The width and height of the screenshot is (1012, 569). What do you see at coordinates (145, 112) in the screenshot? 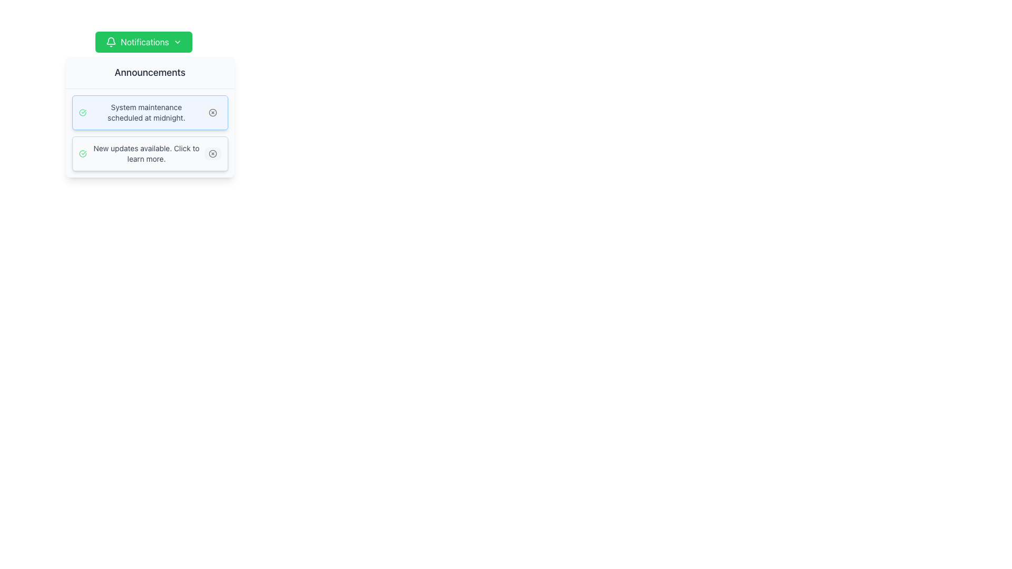
I see `announcement message displayed in the gray-text label stating 'System maintenance scheduled at midnight.'` at bounding box center [145, 112].